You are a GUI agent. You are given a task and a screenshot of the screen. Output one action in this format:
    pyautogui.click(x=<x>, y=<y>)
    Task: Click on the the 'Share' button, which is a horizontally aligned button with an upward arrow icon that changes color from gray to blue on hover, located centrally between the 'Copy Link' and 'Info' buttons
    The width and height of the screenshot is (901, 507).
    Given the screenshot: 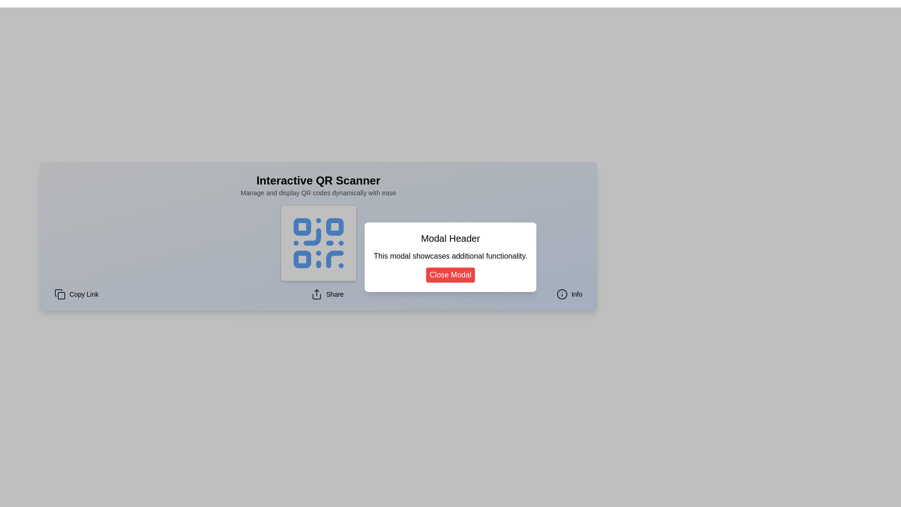 What is the action you would take?
    pyautogui.click(x=327, y=294)
    